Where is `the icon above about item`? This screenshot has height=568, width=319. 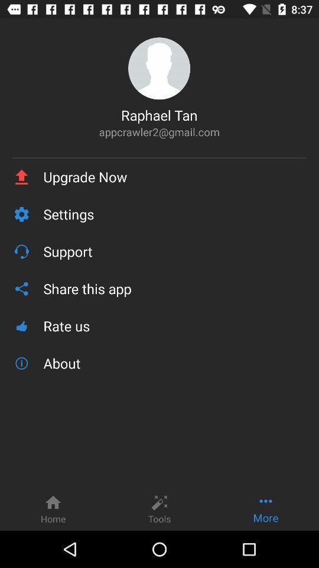 the icon above about item is located at coordinates (174, 326).